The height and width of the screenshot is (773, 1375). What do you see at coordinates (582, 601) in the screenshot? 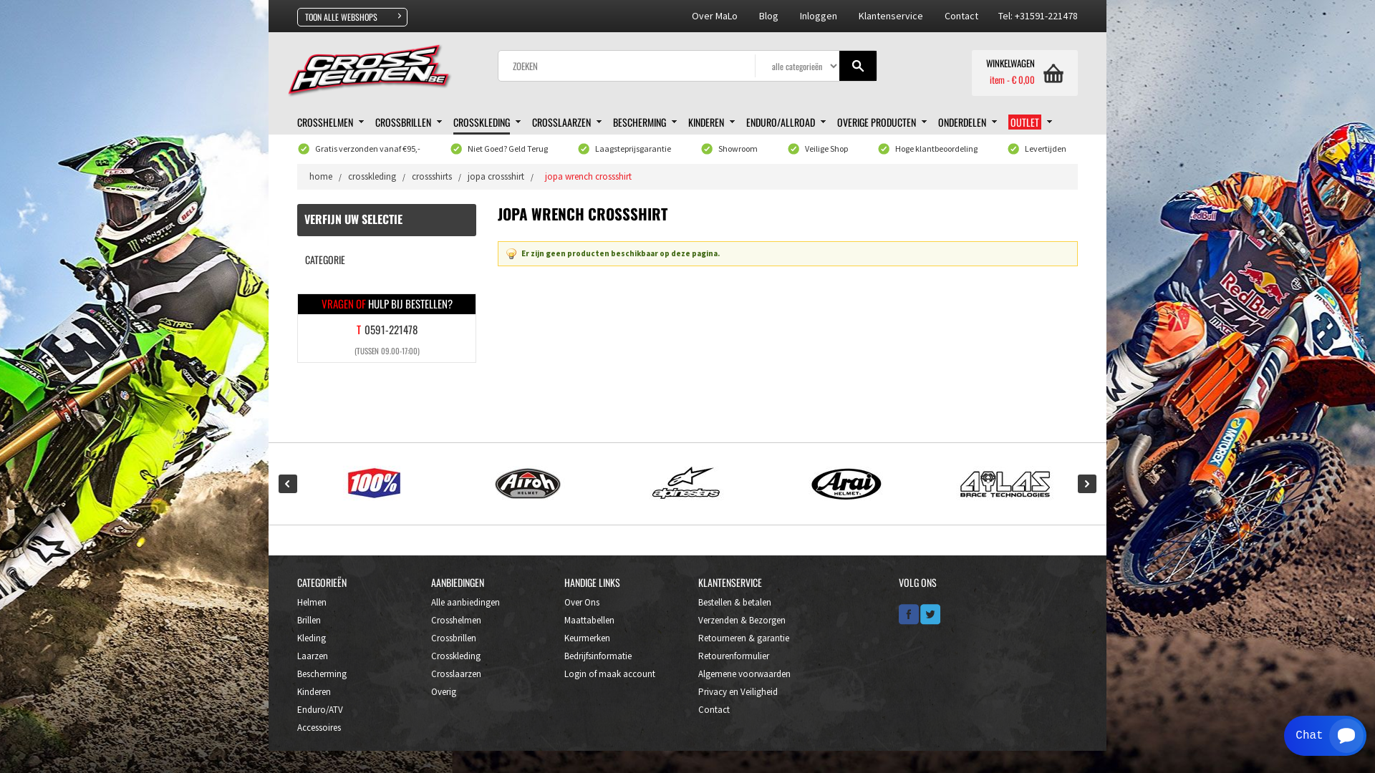
I see `'Over Ons'` at bounding box center [582, 601].